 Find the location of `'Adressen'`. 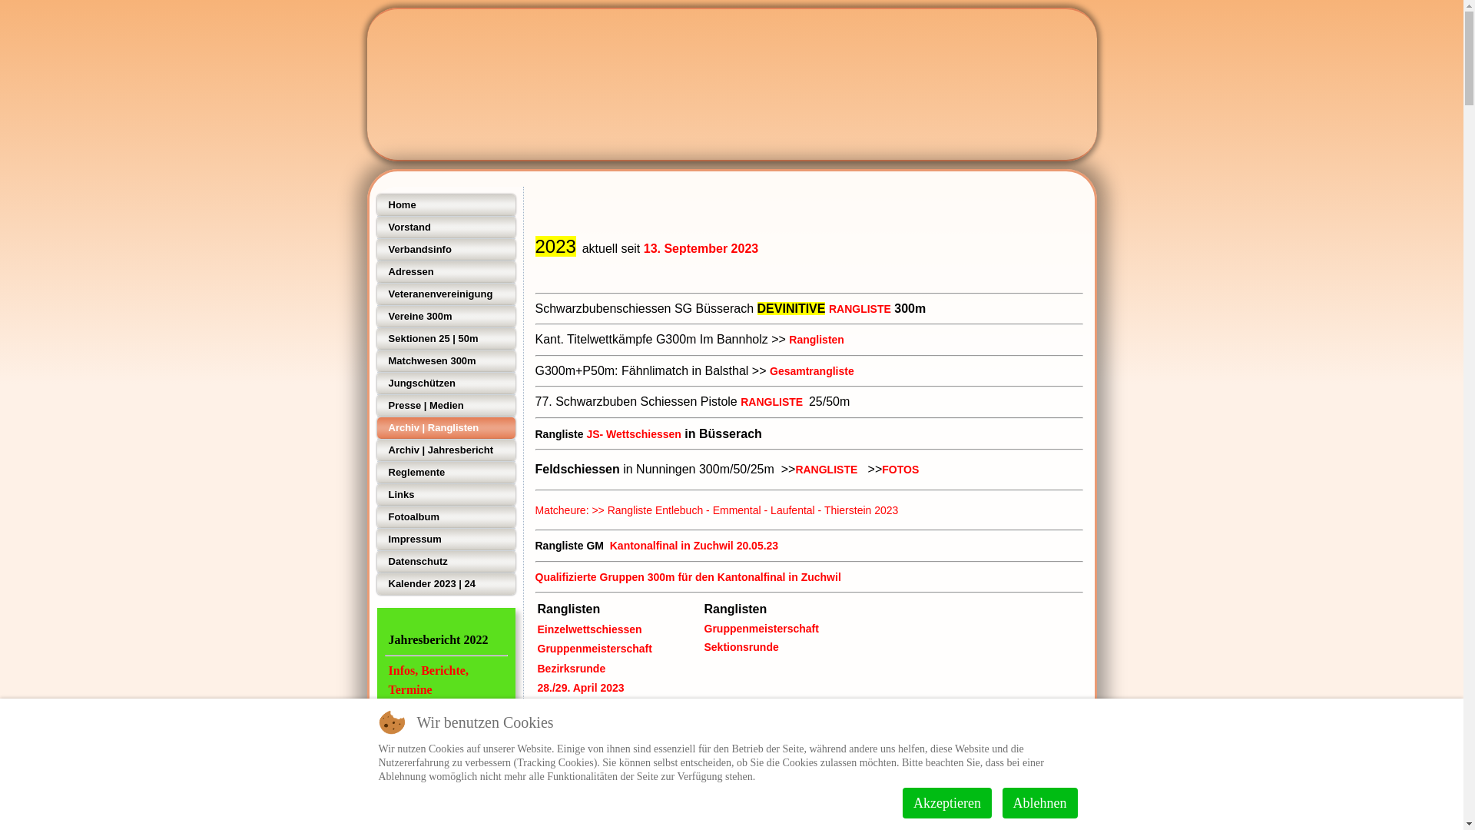

'Adressen' is located at coordinates (376, 271).